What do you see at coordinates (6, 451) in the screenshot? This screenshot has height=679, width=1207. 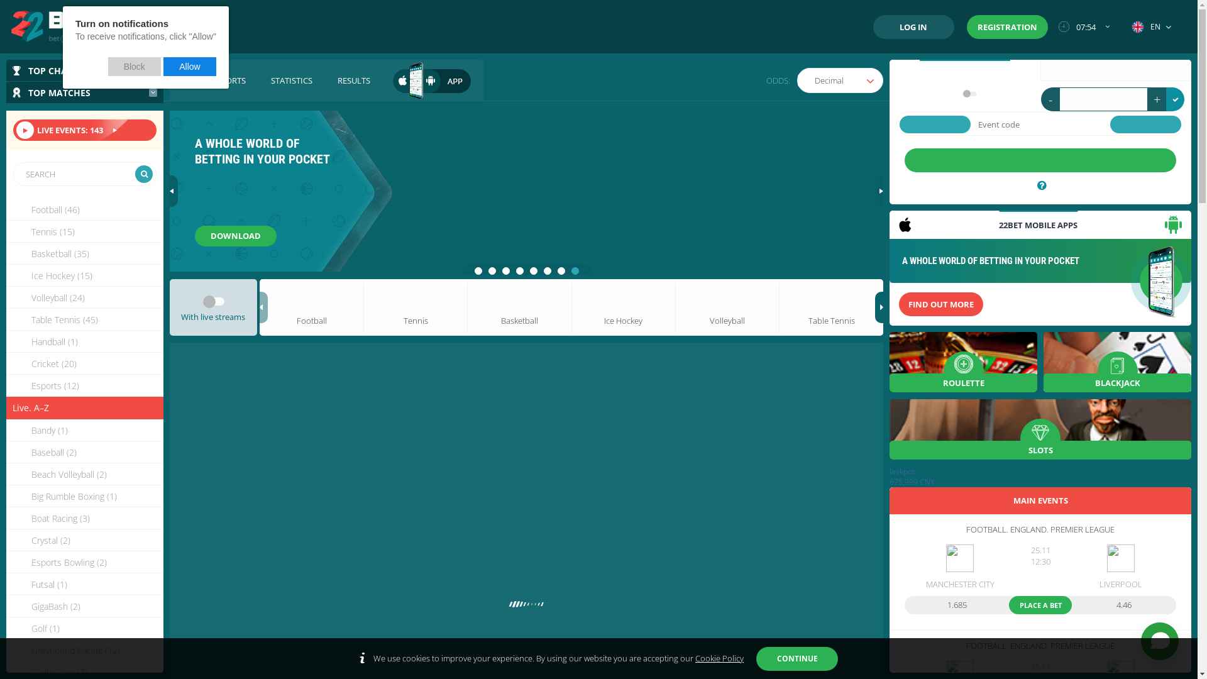 I see `'Baseball` at bounding box center [6, 451].